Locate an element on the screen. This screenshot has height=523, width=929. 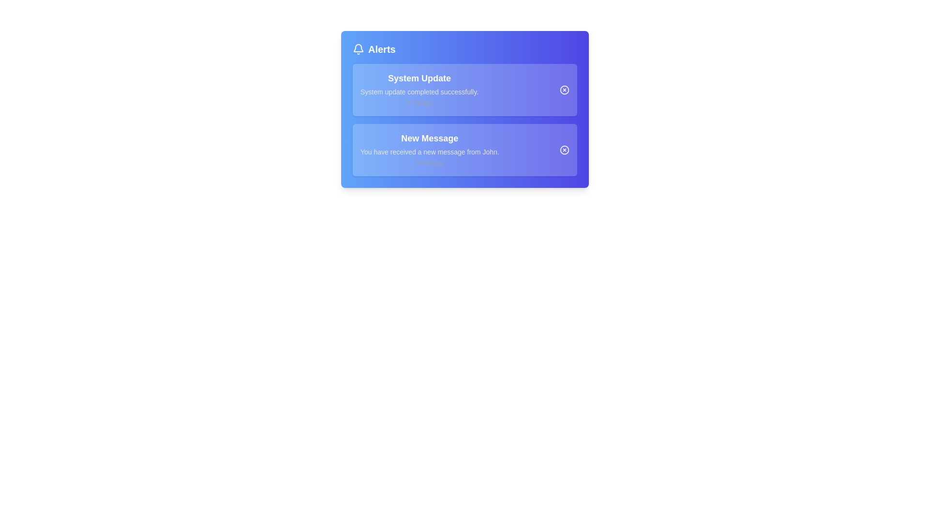
information presented in the first notification titled 'System Update', which includes the bold label, the gray message about the update completion, and the timestamp is located at coordinates (420, 90).